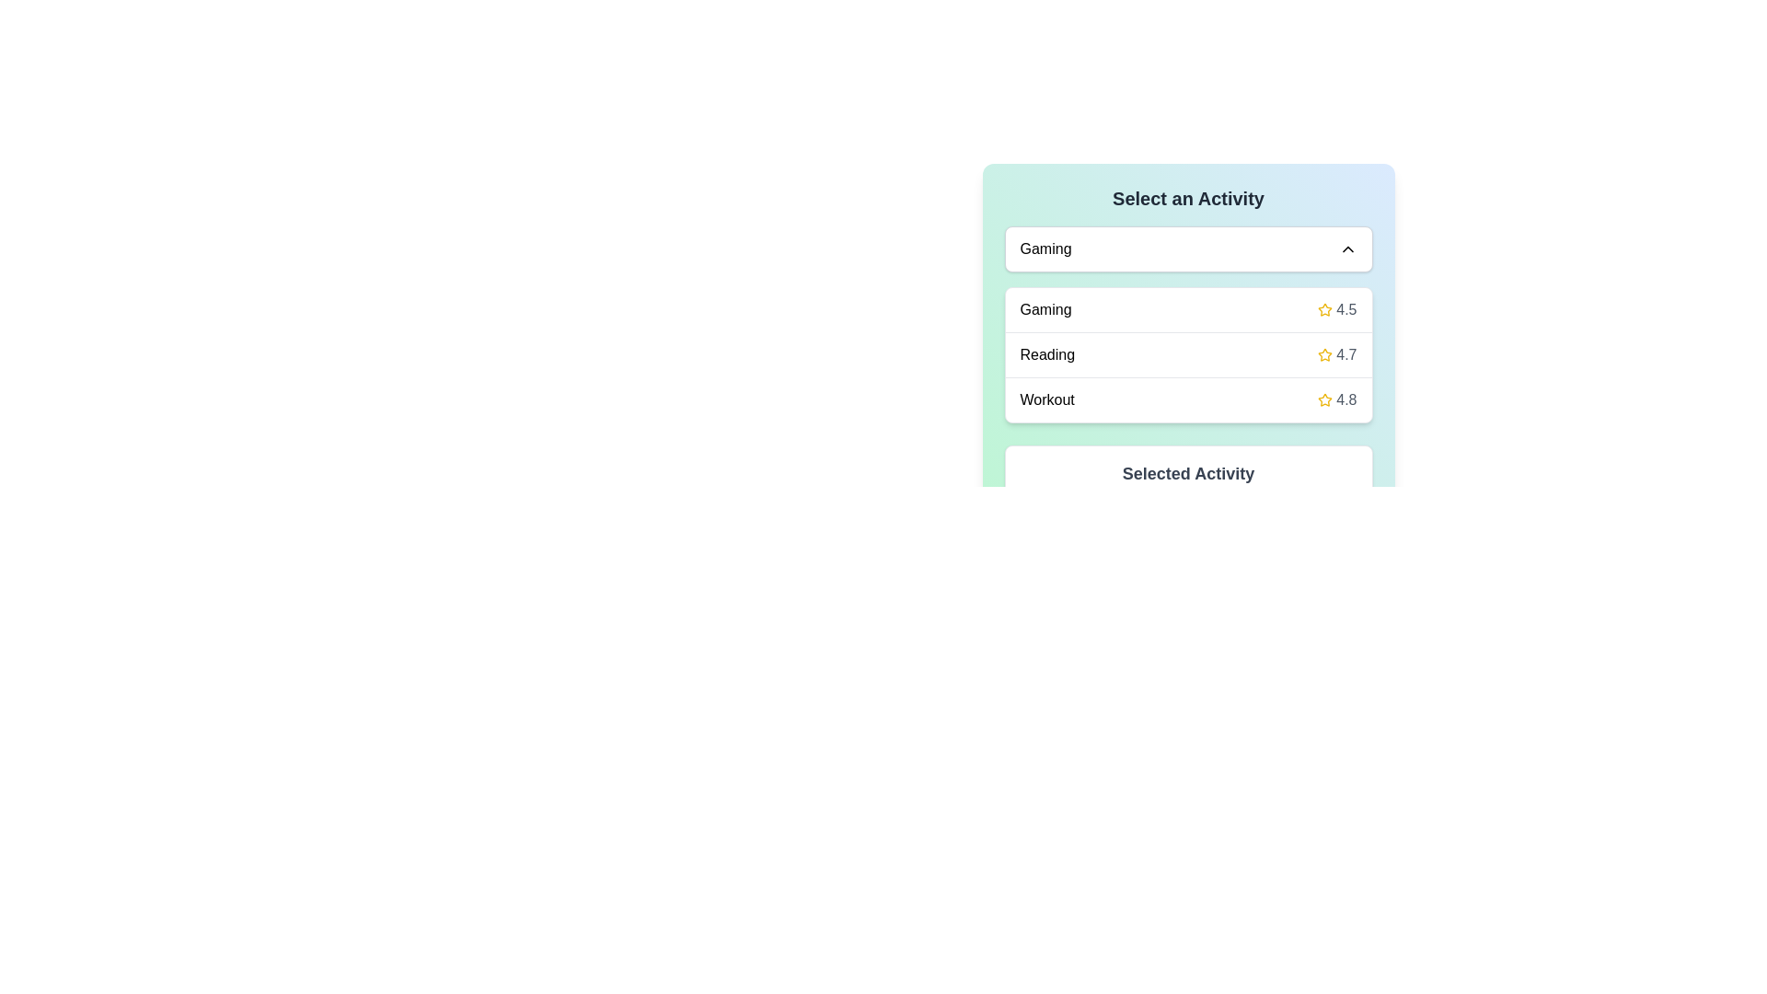 This screenshot has height=994, width=1767. What do you see at coordinates (1337, 354) in the screenshot?
I see `the text label displaying '4.7', which is gray in color and located next to a yellow star icon, within the 'Reading' activity list item` at bounding box center [1337, 354].